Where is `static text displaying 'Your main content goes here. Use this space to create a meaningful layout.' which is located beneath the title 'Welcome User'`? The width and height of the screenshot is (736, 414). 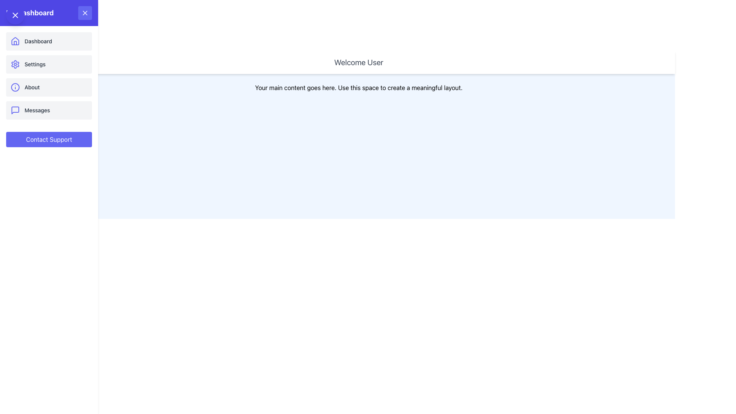 static text displaying 'Your main content goes here. Use this space to create a meaningful layout.' which is located beneath the title 'Welcome User' is located at coordinates (358, 87).